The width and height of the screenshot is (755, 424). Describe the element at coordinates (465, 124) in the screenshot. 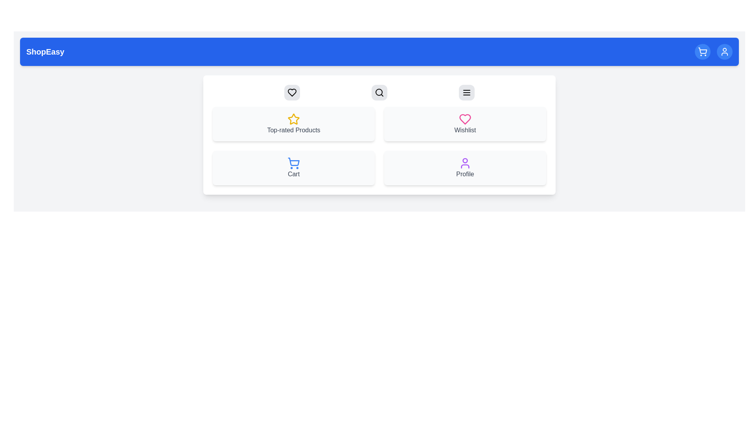

I see `the pink heart icon in the Wishlist card, which has a light gray background and is located in a 2x2 grid layout` at that location.